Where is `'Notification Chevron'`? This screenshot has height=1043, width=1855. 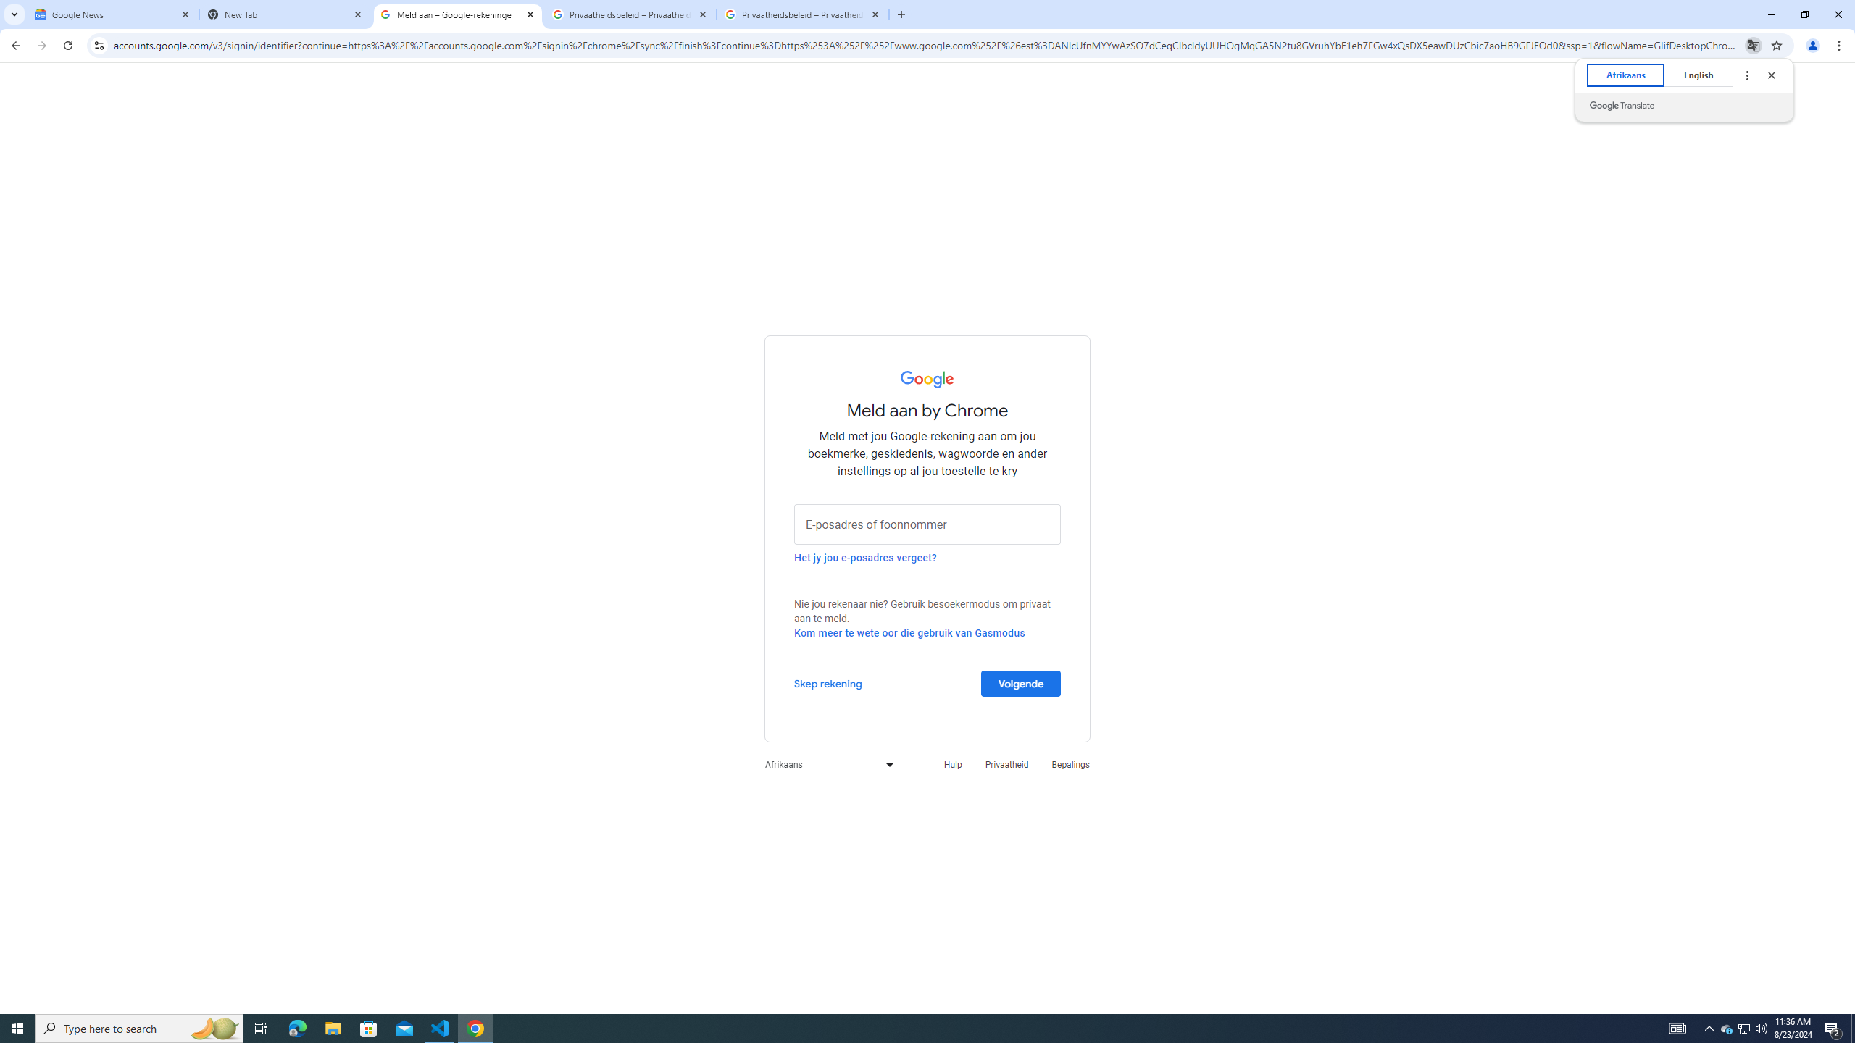 'Notification Chevron' is located at coordinates (1726, 1027).